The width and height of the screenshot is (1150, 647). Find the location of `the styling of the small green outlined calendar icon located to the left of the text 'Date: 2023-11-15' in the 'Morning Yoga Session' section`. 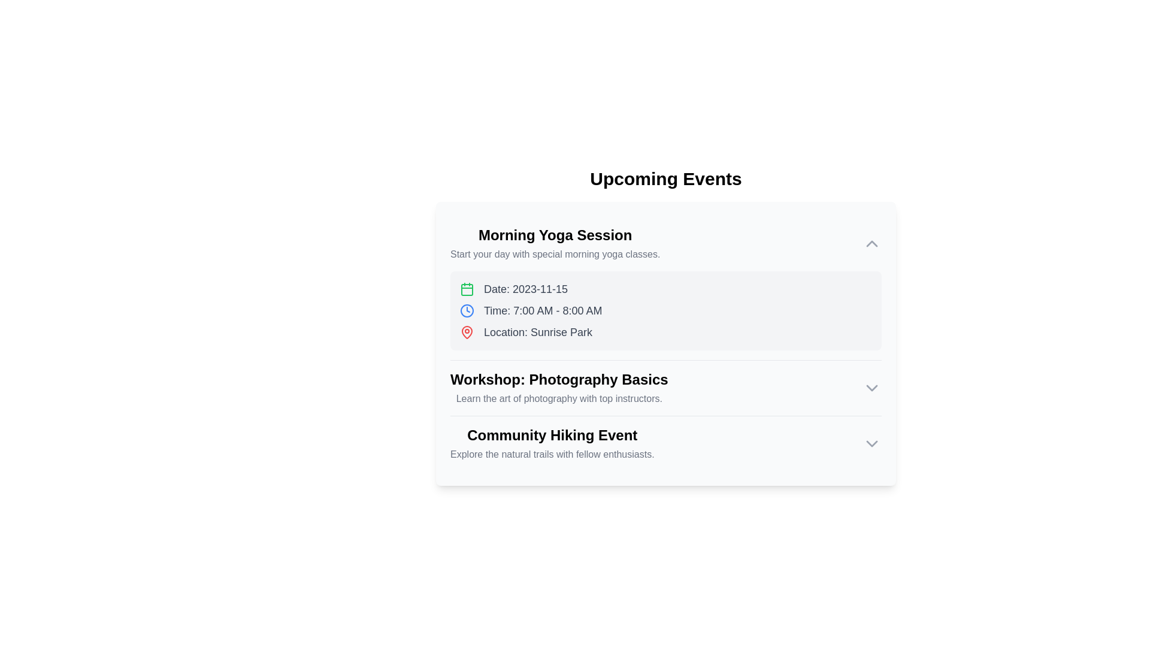

the styling of the small green outlined calendar icon located to the left of the text 'Date: 2023-11-15' in the 'Morning Yoga Session' section is located at coordinates (466, 289).